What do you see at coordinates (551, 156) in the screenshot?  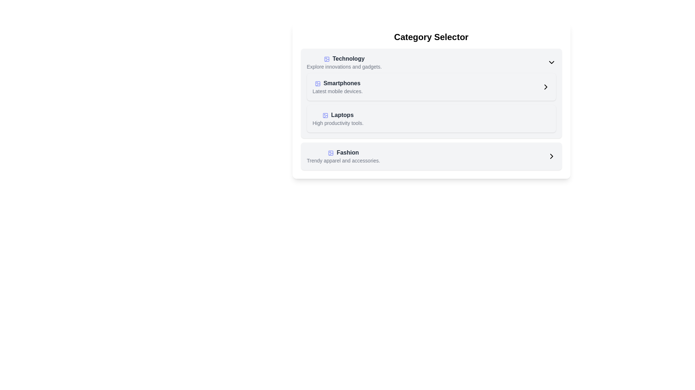 I see `the right-pointing chevron icon located in the bottom-right of the 'Fashion' category section` at bounding box center [551, 156].